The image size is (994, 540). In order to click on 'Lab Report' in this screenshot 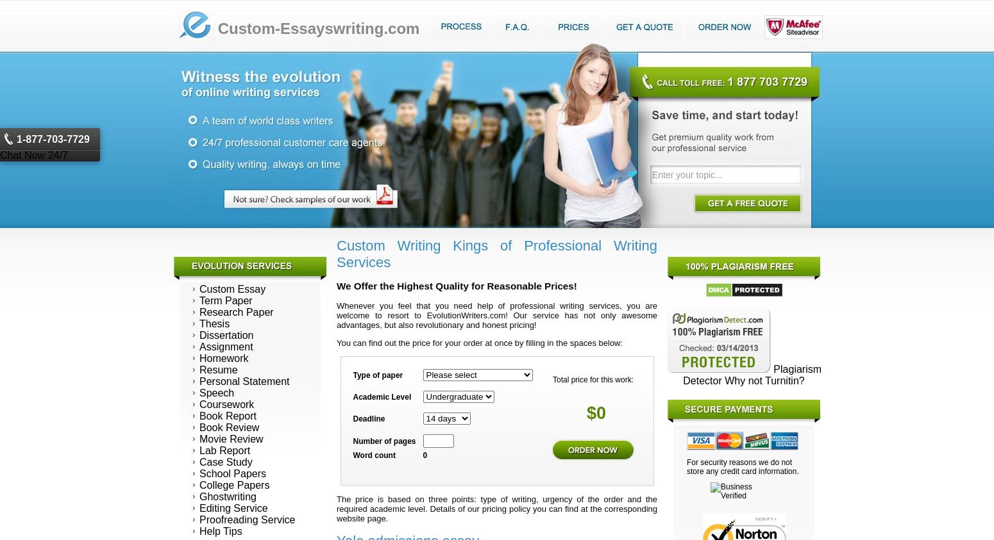, I will do `click(224, 449)`.